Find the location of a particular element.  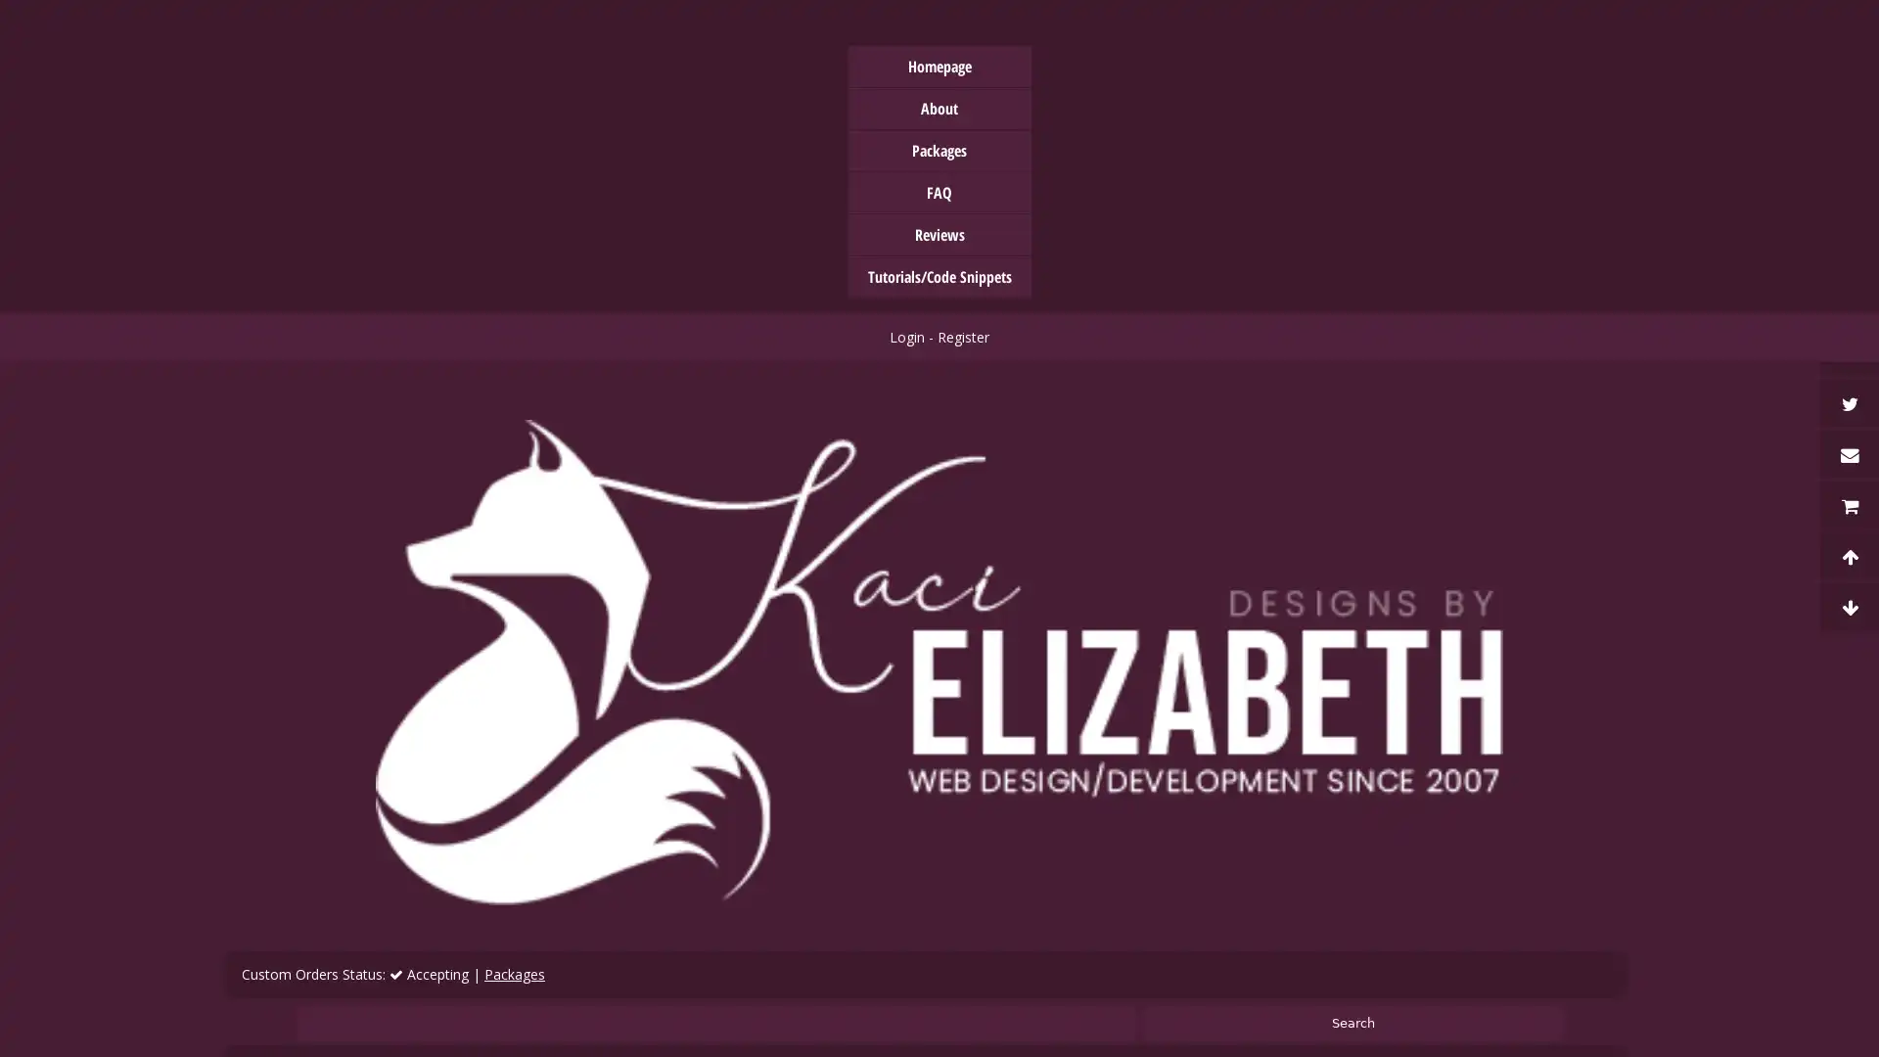

Search is located at coordinates (1352, 1022).